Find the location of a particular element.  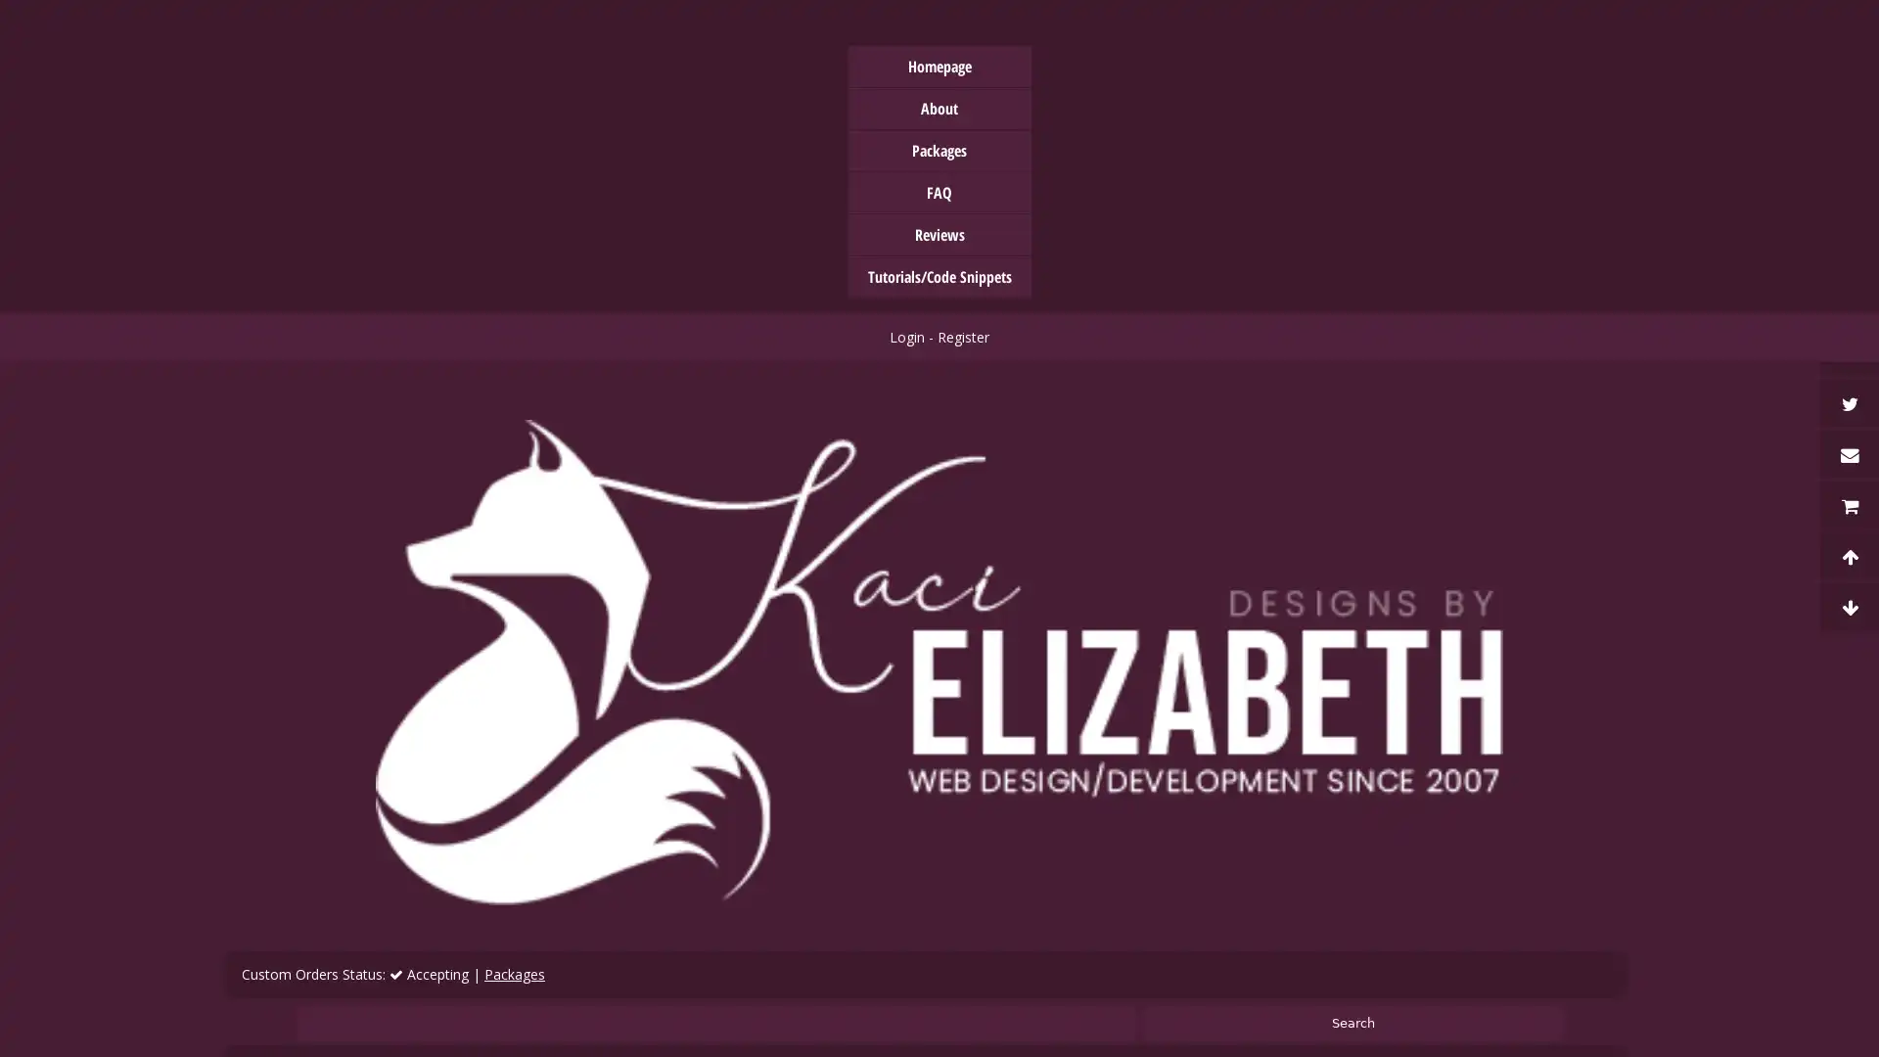

Search is located at coordinates (1352, 1022).